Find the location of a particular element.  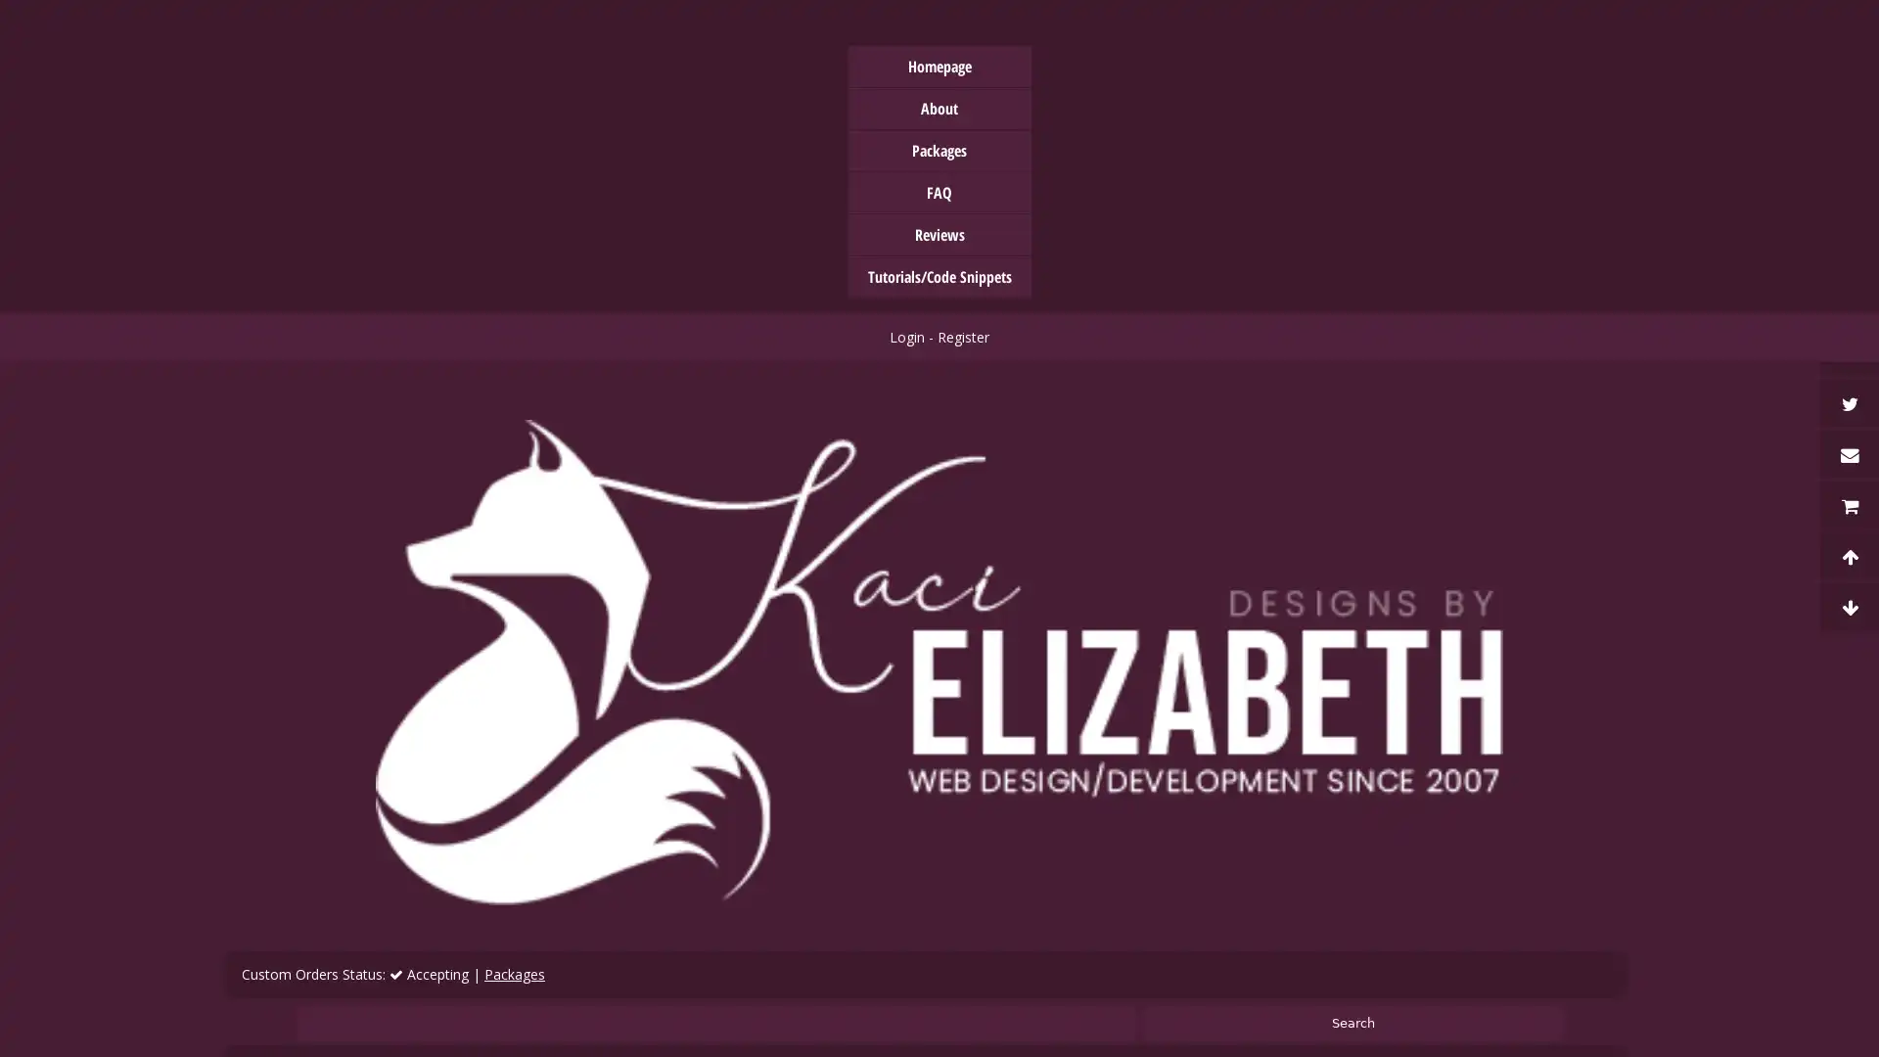

Search is located at coordinates (1352, 1022).